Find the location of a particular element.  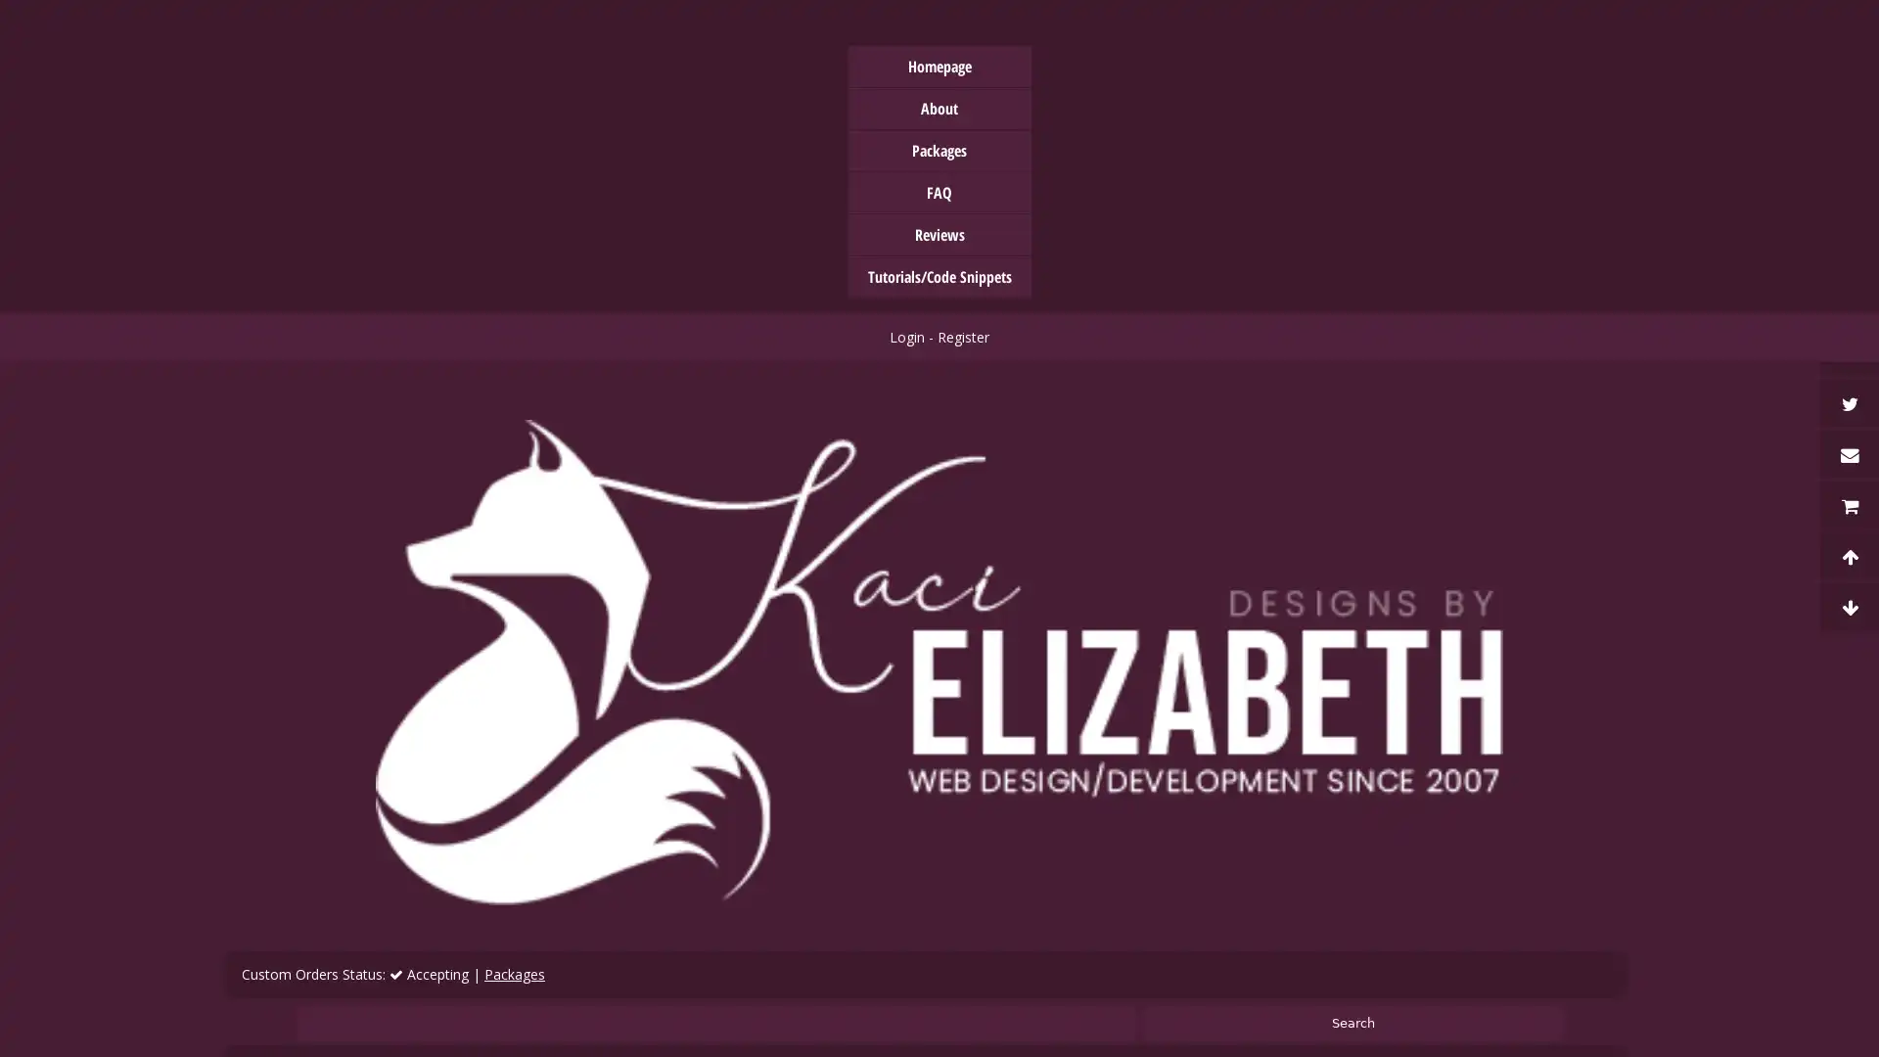

Search is located at coordinates (1352, 1022).